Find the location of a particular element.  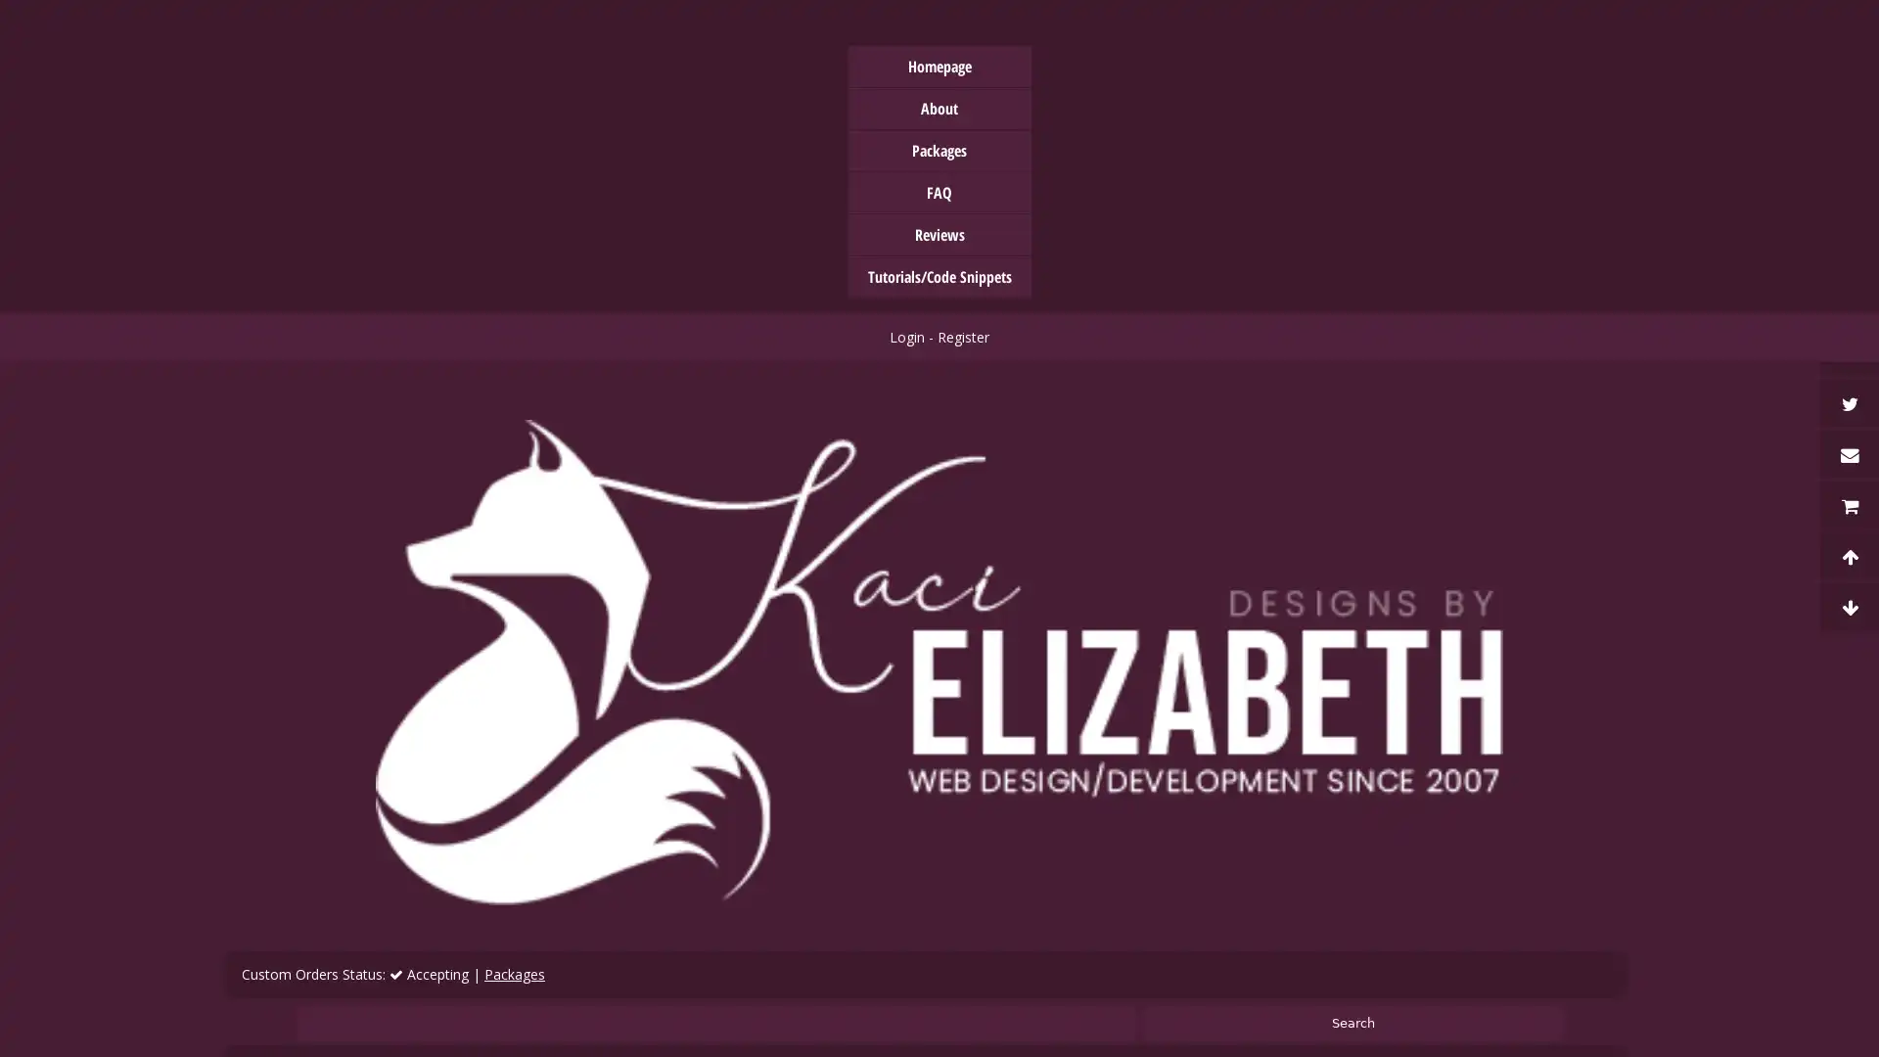

Search is located at coordinates (1352, 1022).